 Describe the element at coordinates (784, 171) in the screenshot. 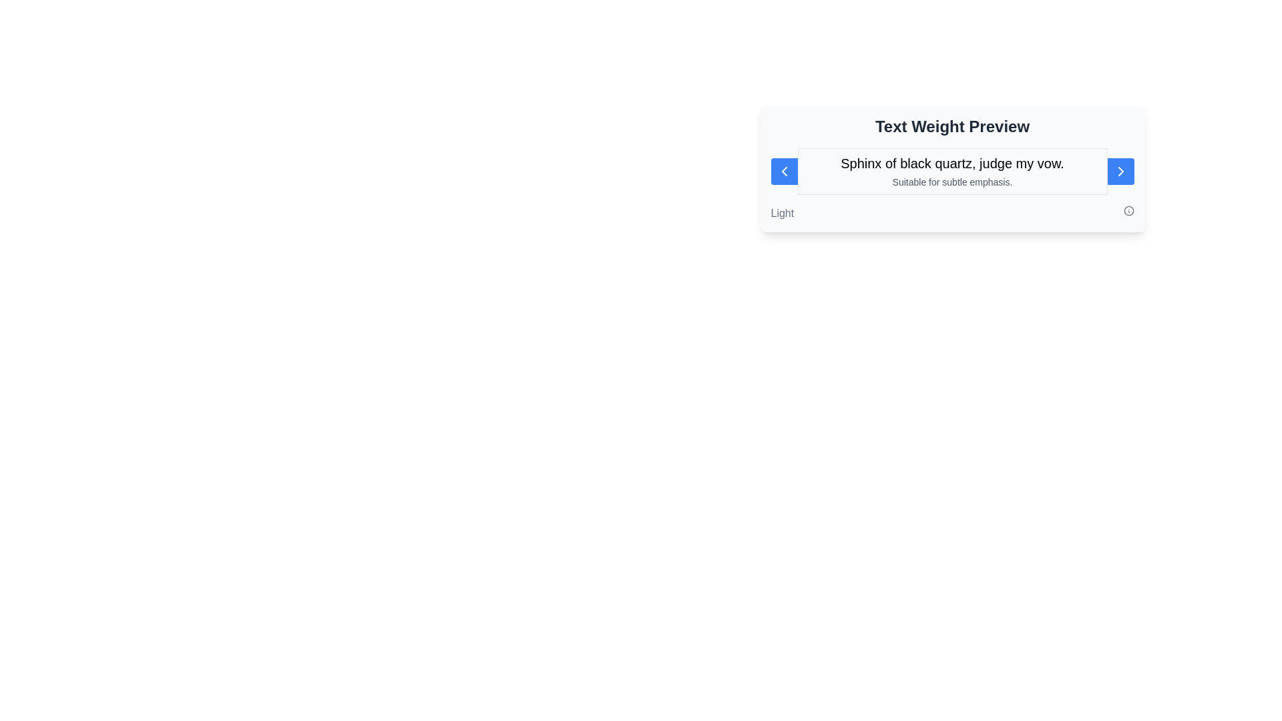

I see `the navigational button, a blue square icon located to the far left of the text display panel` at that location.